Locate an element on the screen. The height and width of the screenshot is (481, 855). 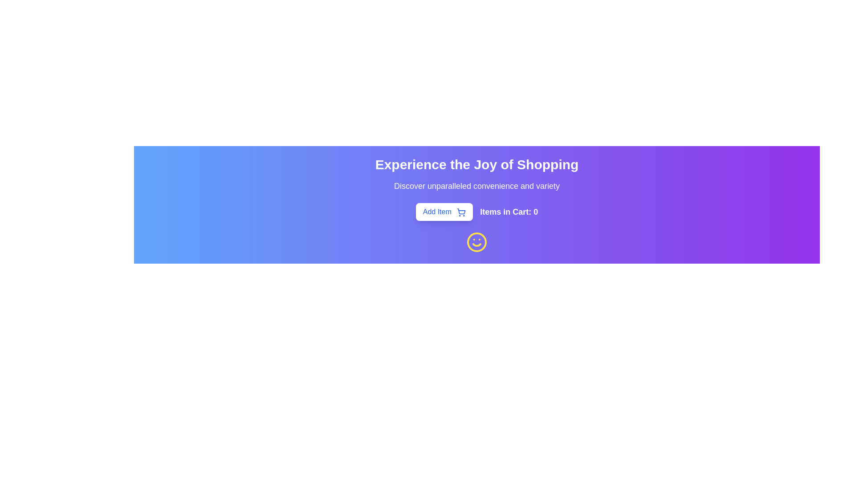
the text label displaying 'Items in Cart: 0', which is styled with a bold font and slightly larger size, positioned to the right of the 'Add Item' button is located at coordinates (509, 212).